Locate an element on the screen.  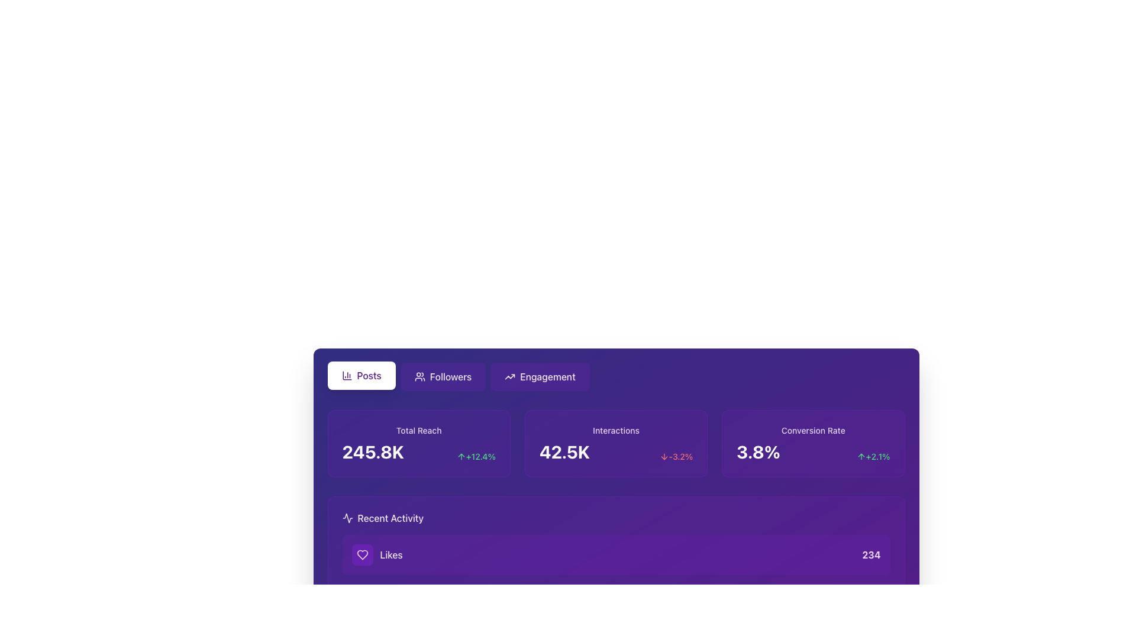
the text element indicating a positive trend in conversion rate, which shows '3.8%' and is located in the top right of the metrics card is located at coordinates (873, 456).